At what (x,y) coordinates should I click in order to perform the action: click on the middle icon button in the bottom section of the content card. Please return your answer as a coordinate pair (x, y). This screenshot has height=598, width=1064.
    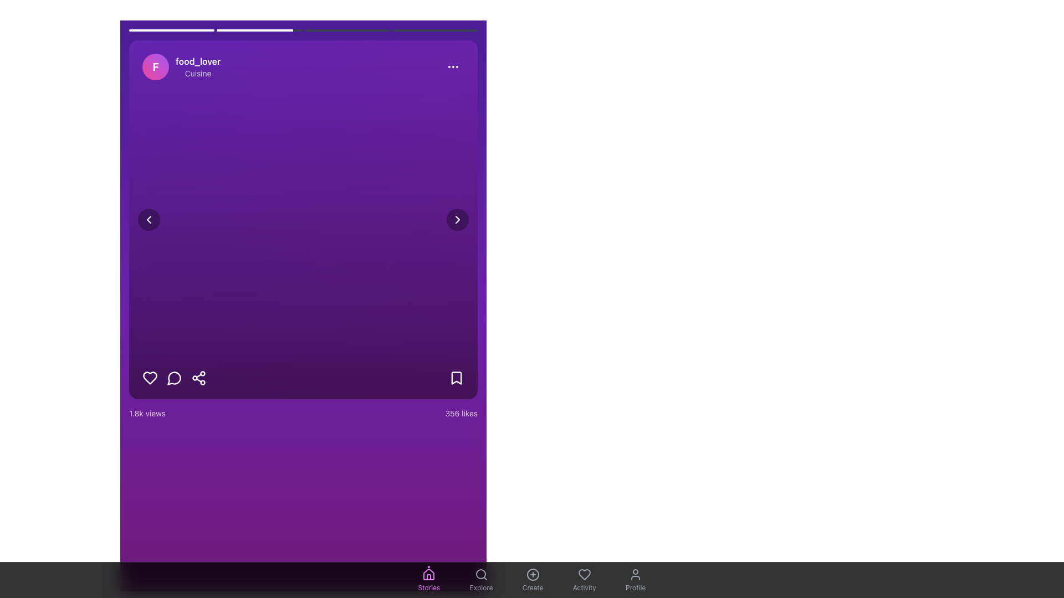
    Looking at the image, I should click on (174, 377).